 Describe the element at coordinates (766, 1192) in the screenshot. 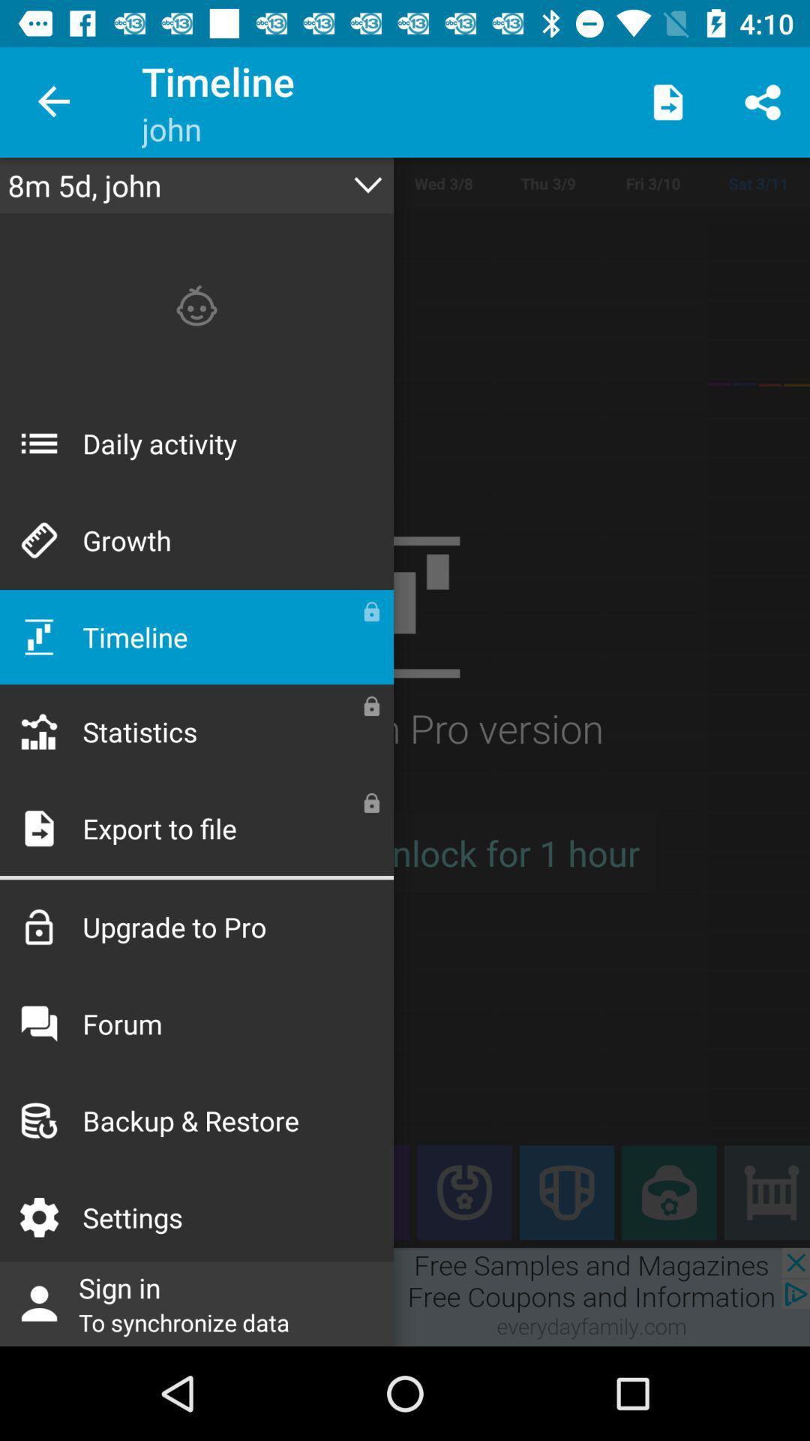

I see `the sliders icon` at that location.